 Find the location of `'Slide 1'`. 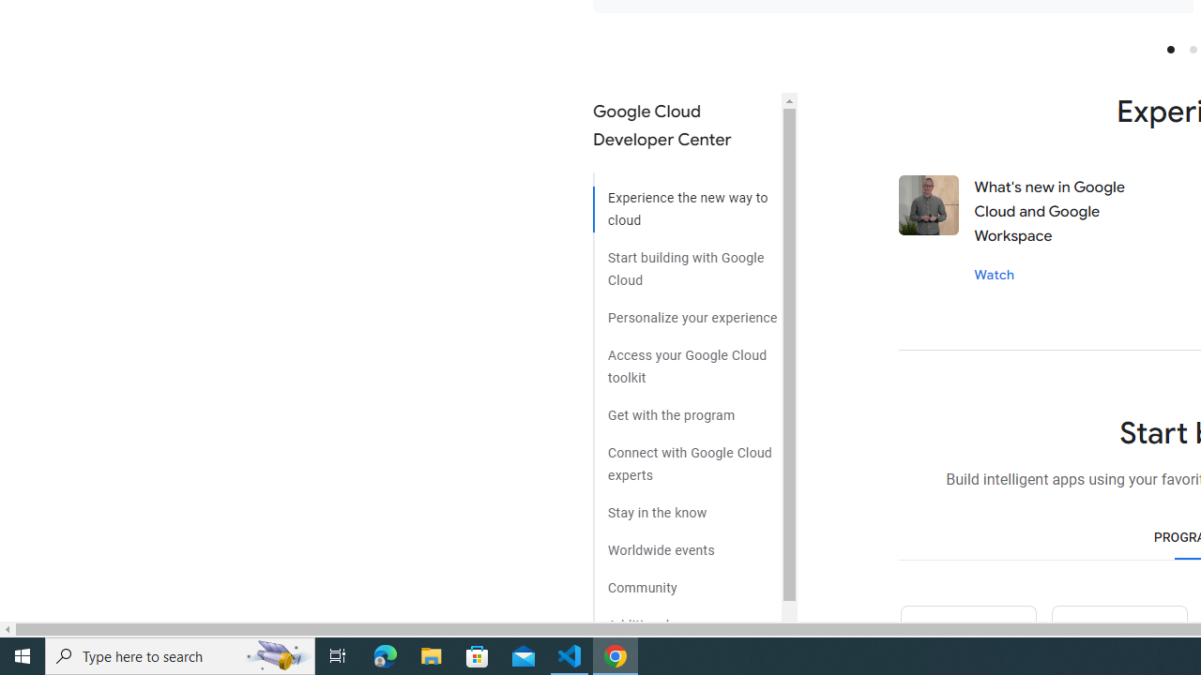

'Slide 1' is located at coordinates (1169, 48).